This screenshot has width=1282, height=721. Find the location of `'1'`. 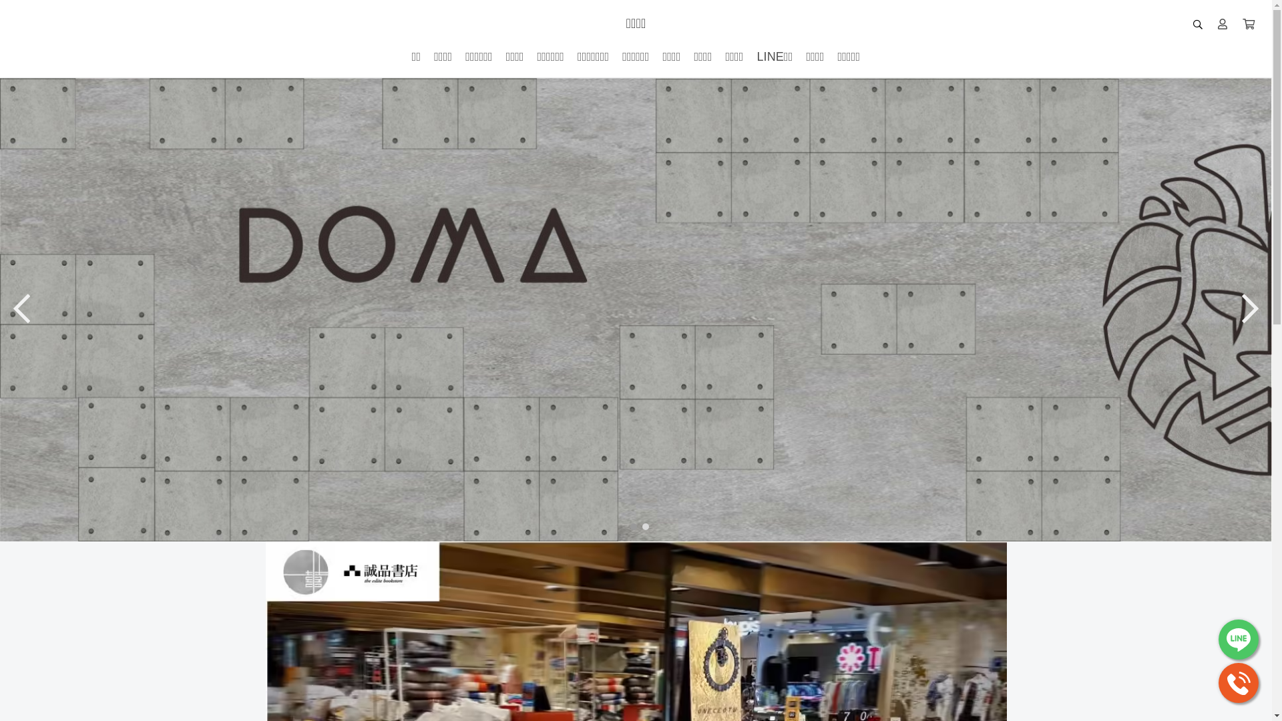

'1' is located at coordinates (630, 525).